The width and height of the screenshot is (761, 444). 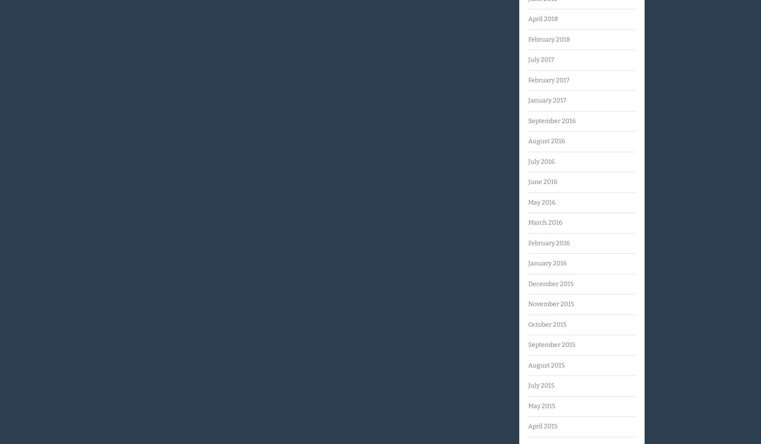 What do you see at coordinates (542, 426) in the screenshot?
I see `'April 2015'` at bounding box center [542, 426].